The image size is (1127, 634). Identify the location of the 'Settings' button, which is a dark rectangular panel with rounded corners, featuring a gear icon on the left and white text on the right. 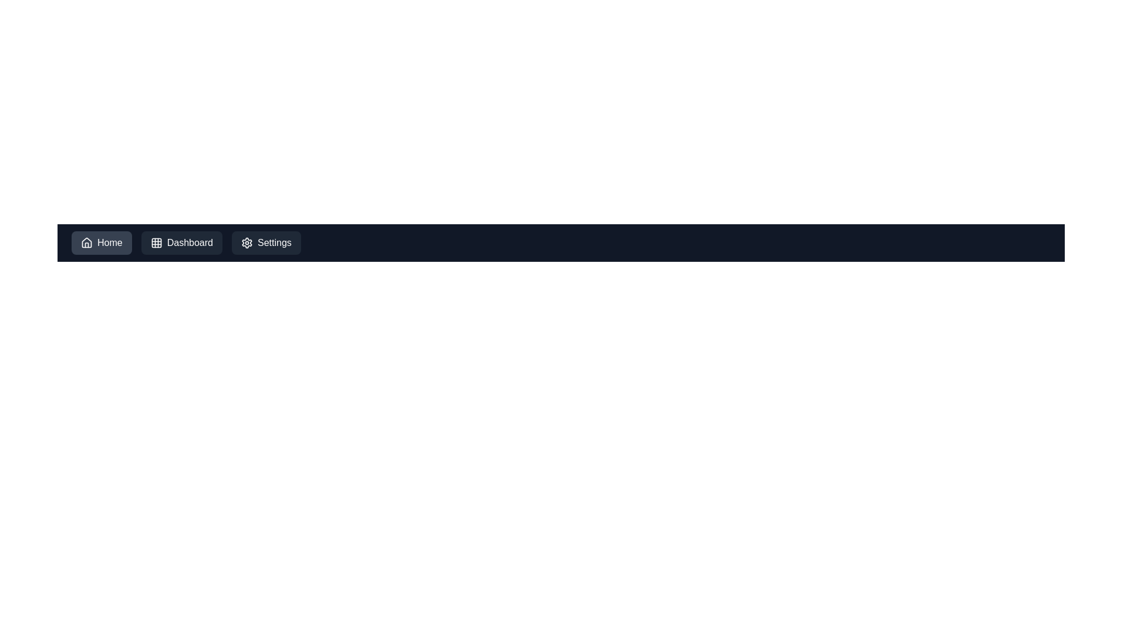
(265, 242).